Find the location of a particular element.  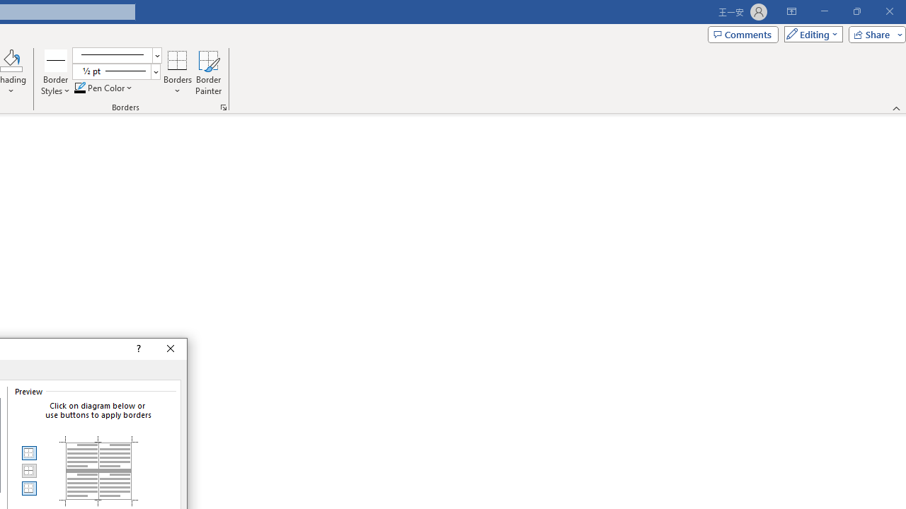

'Border Styles' is located at coordinates (56, 59).